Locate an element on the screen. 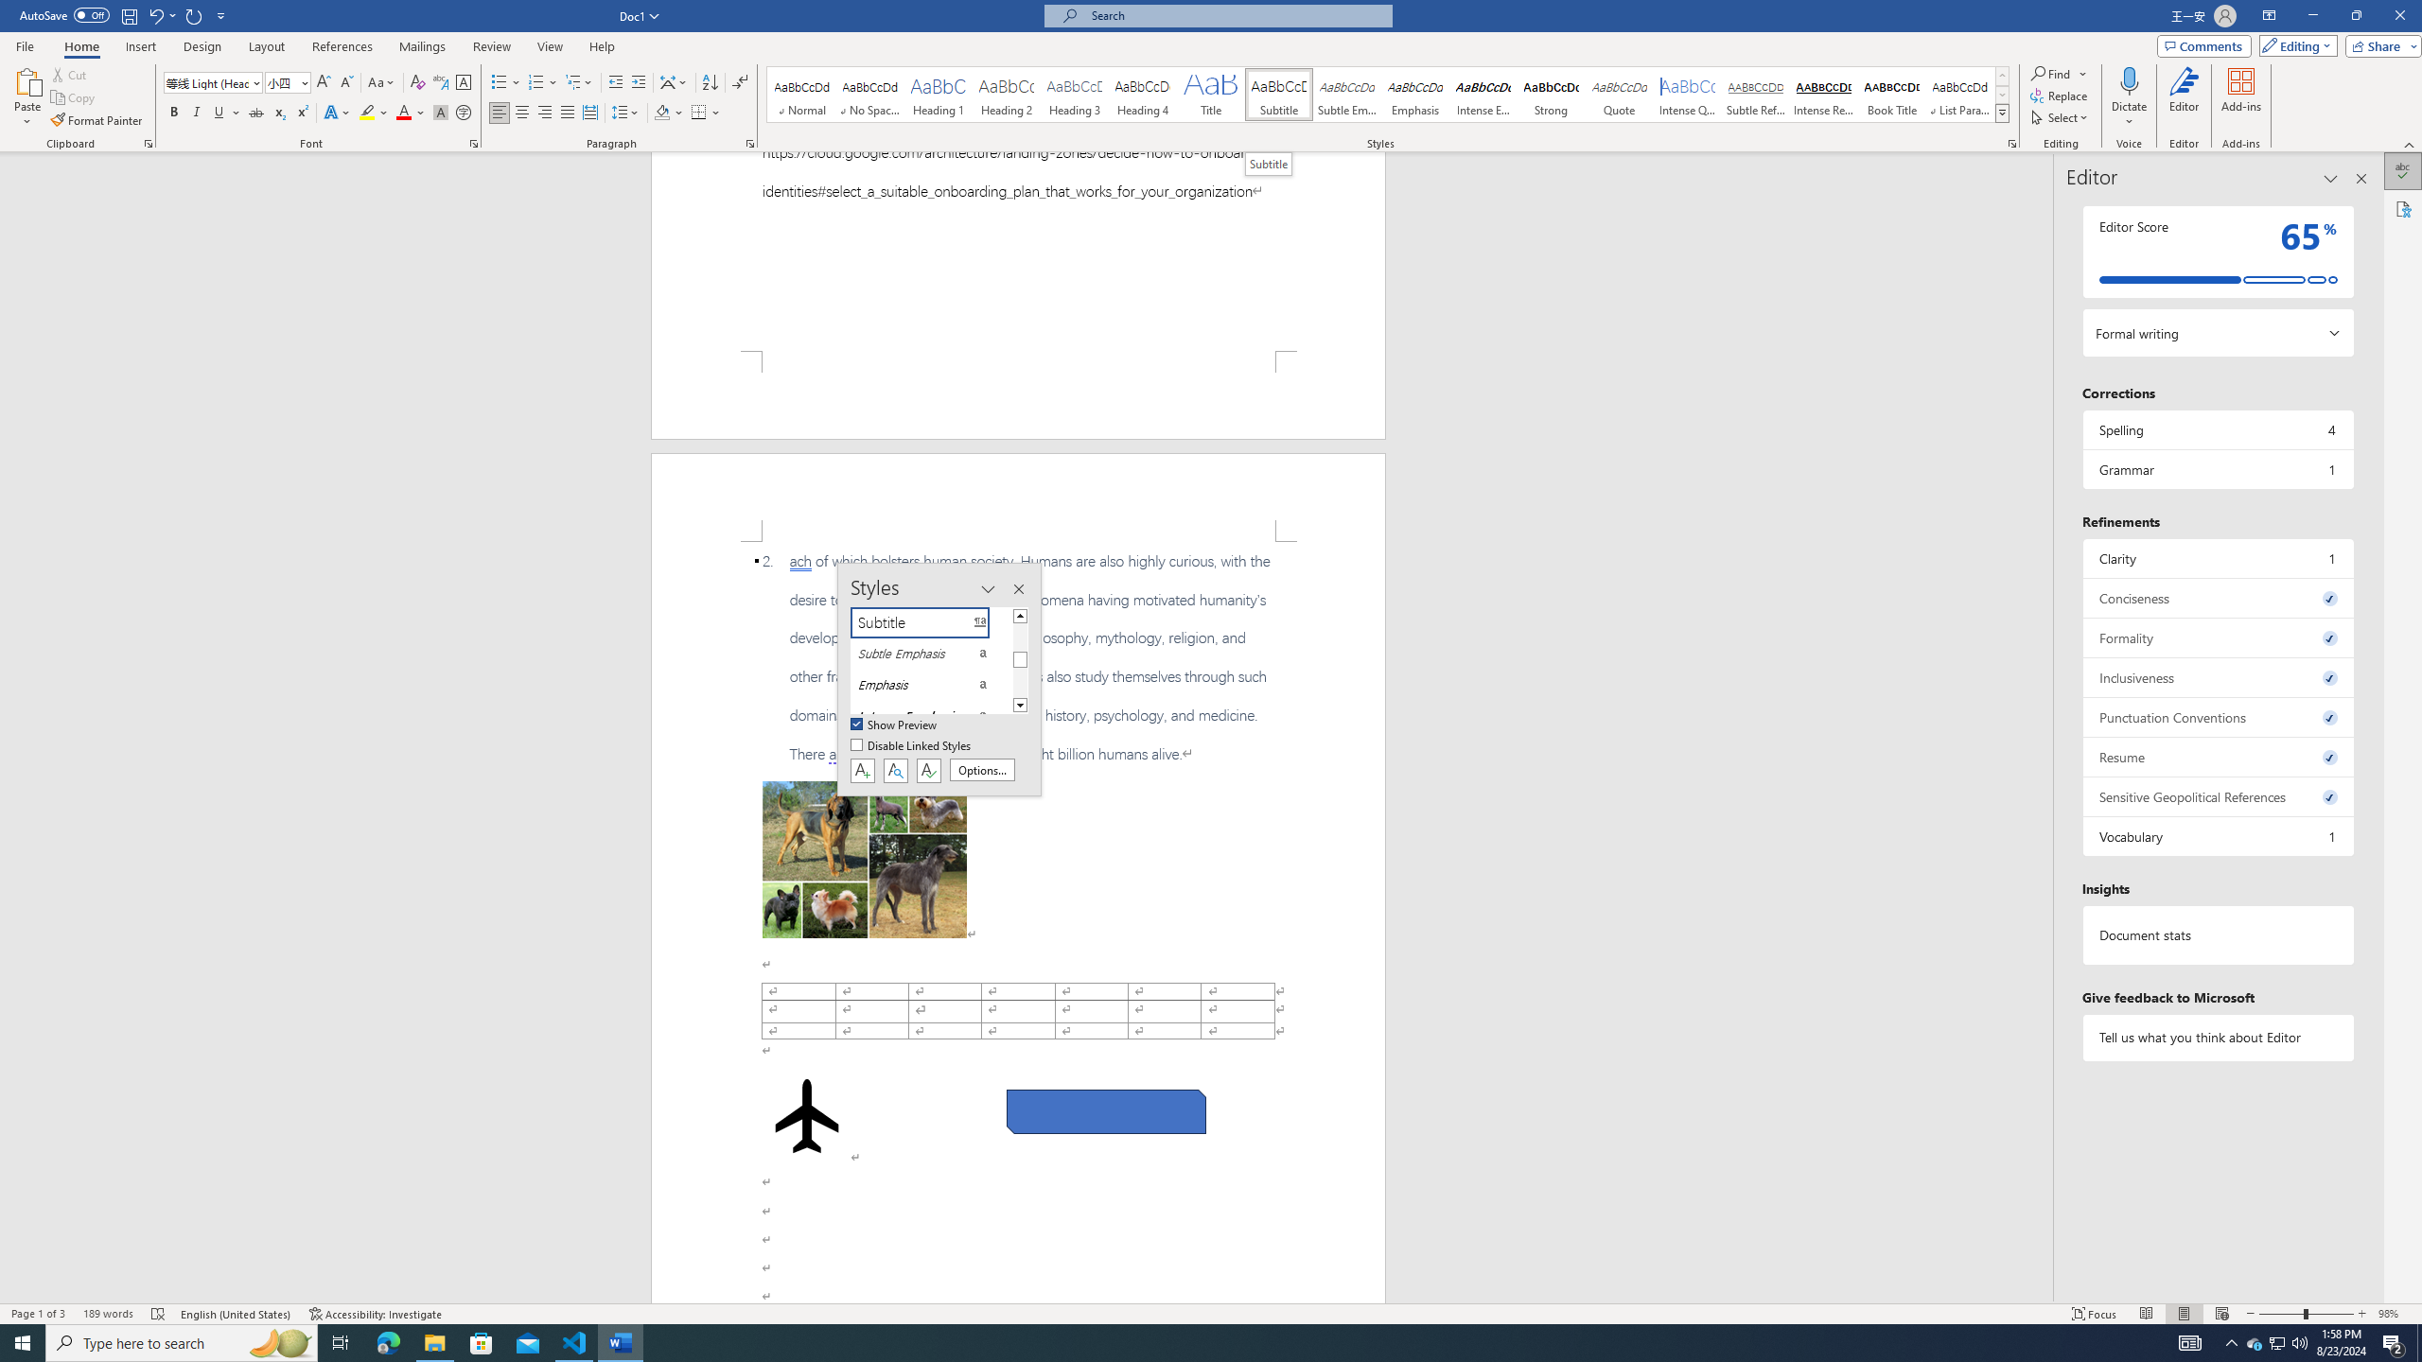 The image size is (2422, 1362). 'Font Color' is located at coordinates (409, 112).